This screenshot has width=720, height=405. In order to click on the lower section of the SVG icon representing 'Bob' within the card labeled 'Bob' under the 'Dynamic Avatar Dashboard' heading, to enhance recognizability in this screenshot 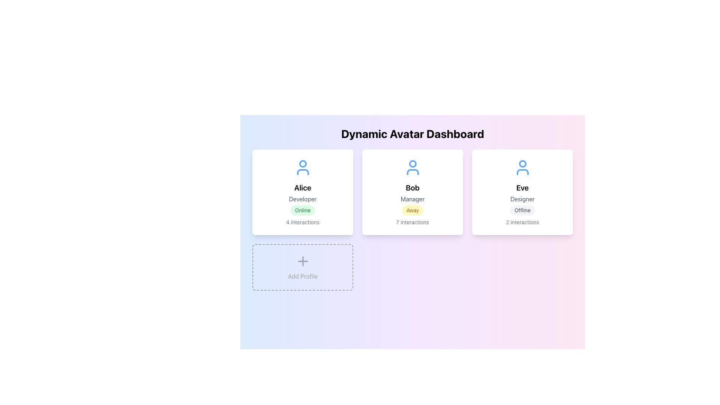, I will do `click(412, 172)`.